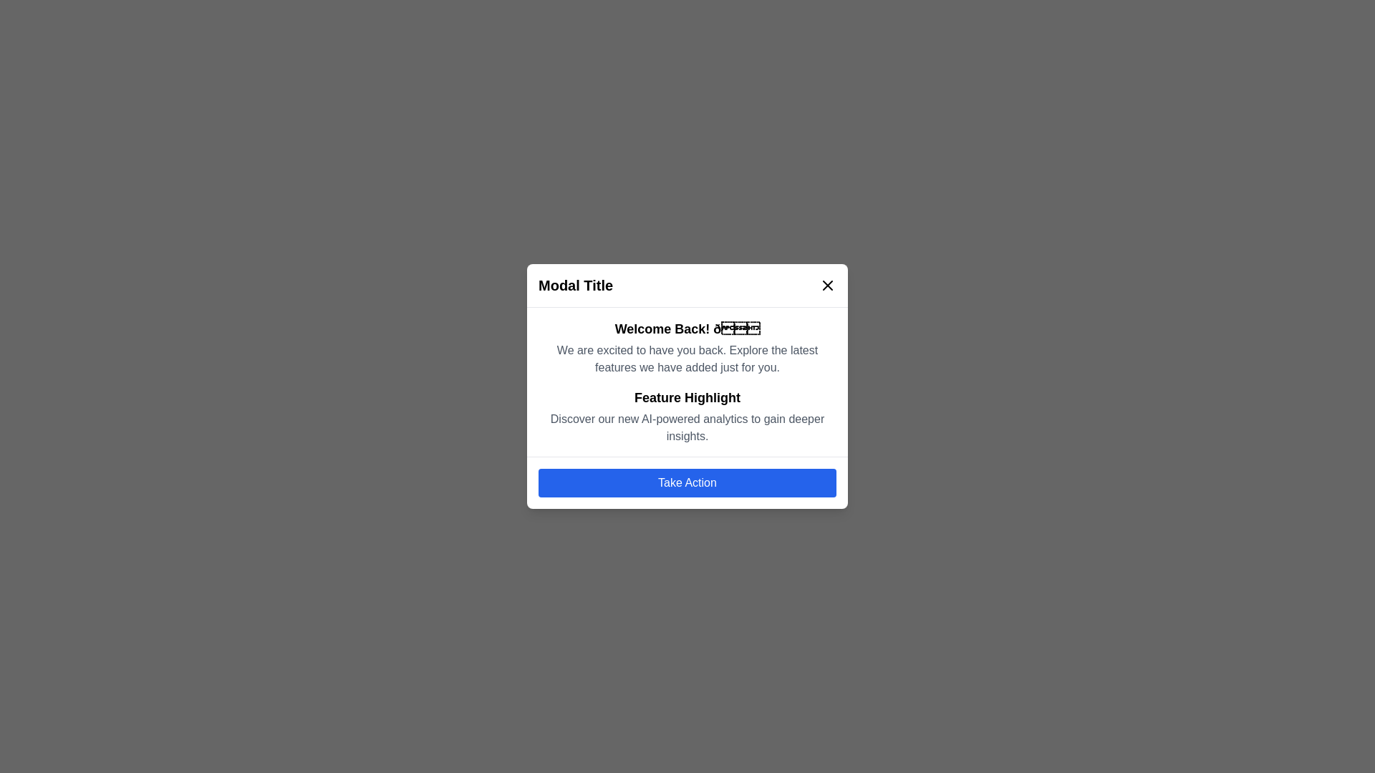  What do you see at coordinates (687, 482) in the screenshot?
I see `the bright blue rectangular button labeled 'Take Action' located at the bottom of the modal dialogue box` at bounding box center [687, 482].